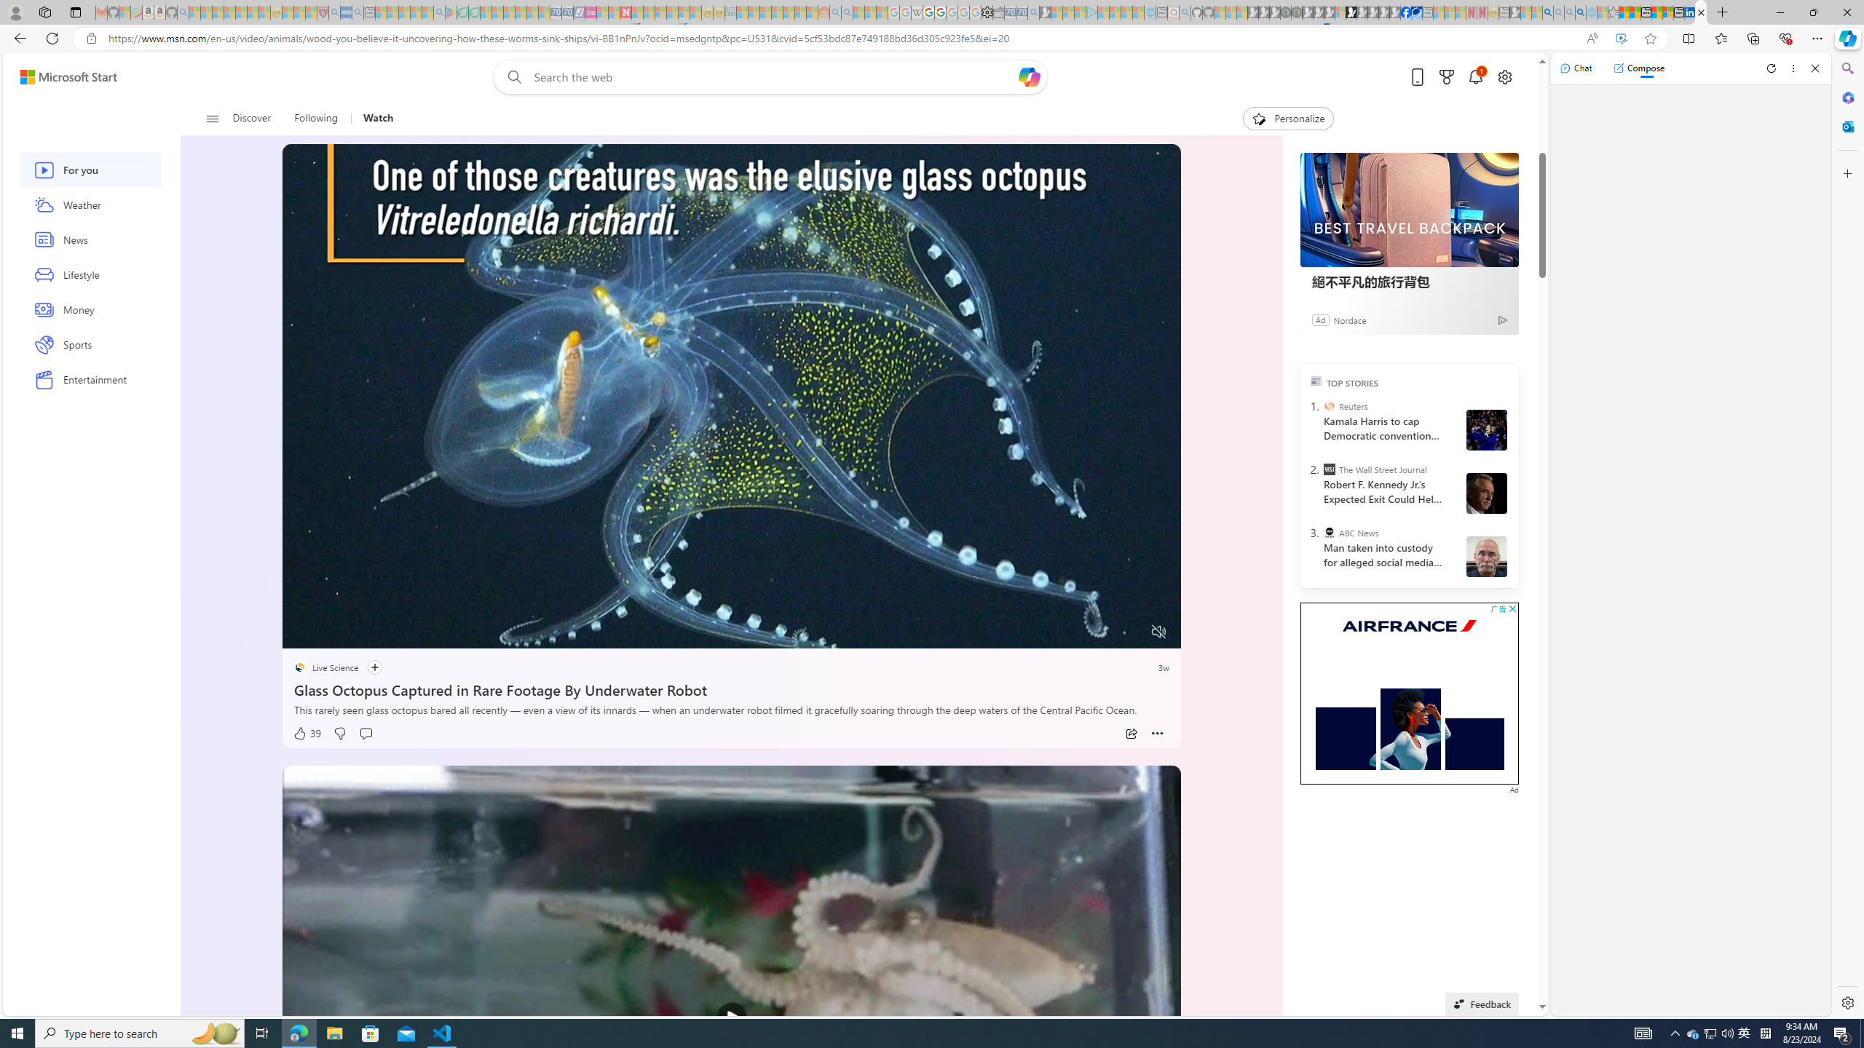 This screenshot has height=1048, width=1864. Describe the element at coordinates (1514, 12) in the screenshot. I see `'MSN - Sleeping'` at that location.